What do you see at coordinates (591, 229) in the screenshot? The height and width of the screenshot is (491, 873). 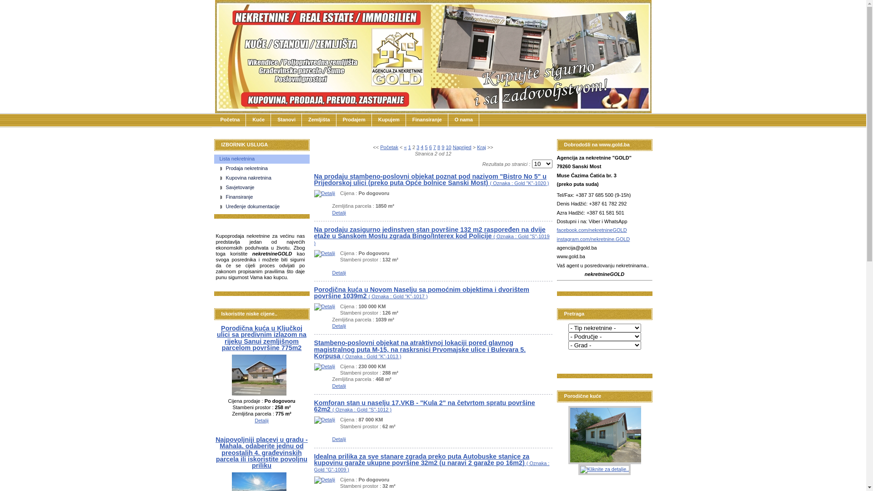 I see `'facebook.com/nekretnineGOLD'` at bounding box center [591, 229].